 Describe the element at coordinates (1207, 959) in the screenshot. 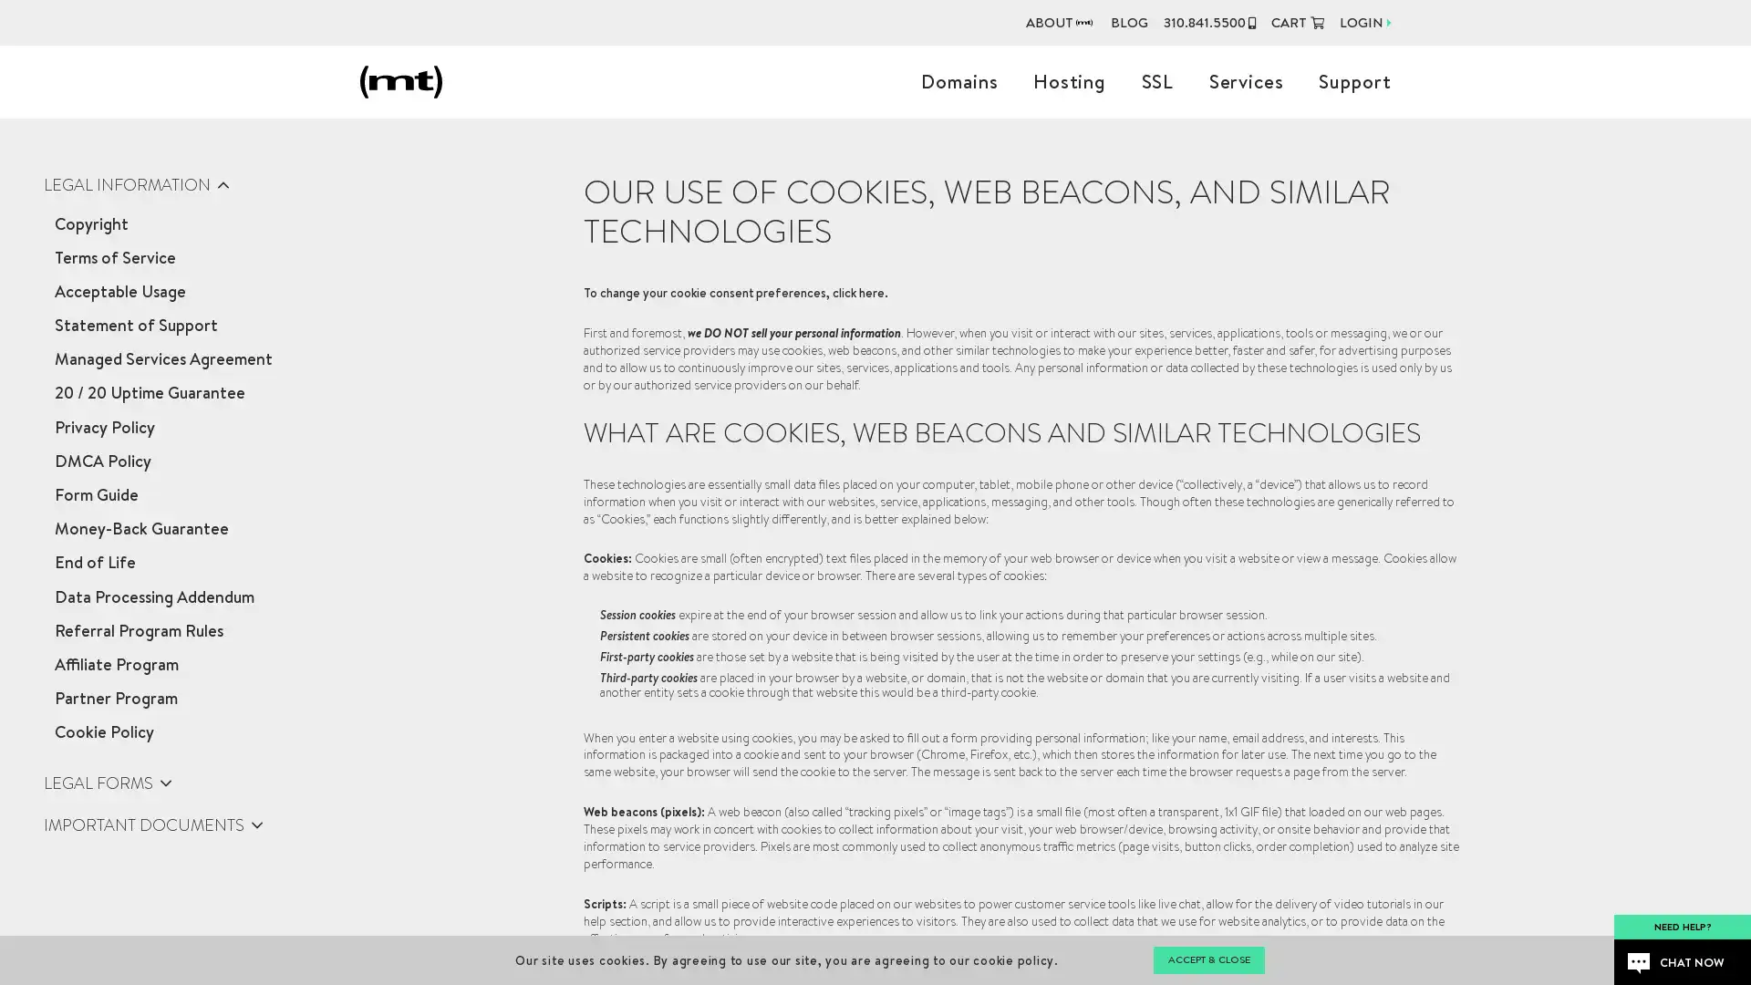

I see `ACCEPT & CLOSE` at that location.